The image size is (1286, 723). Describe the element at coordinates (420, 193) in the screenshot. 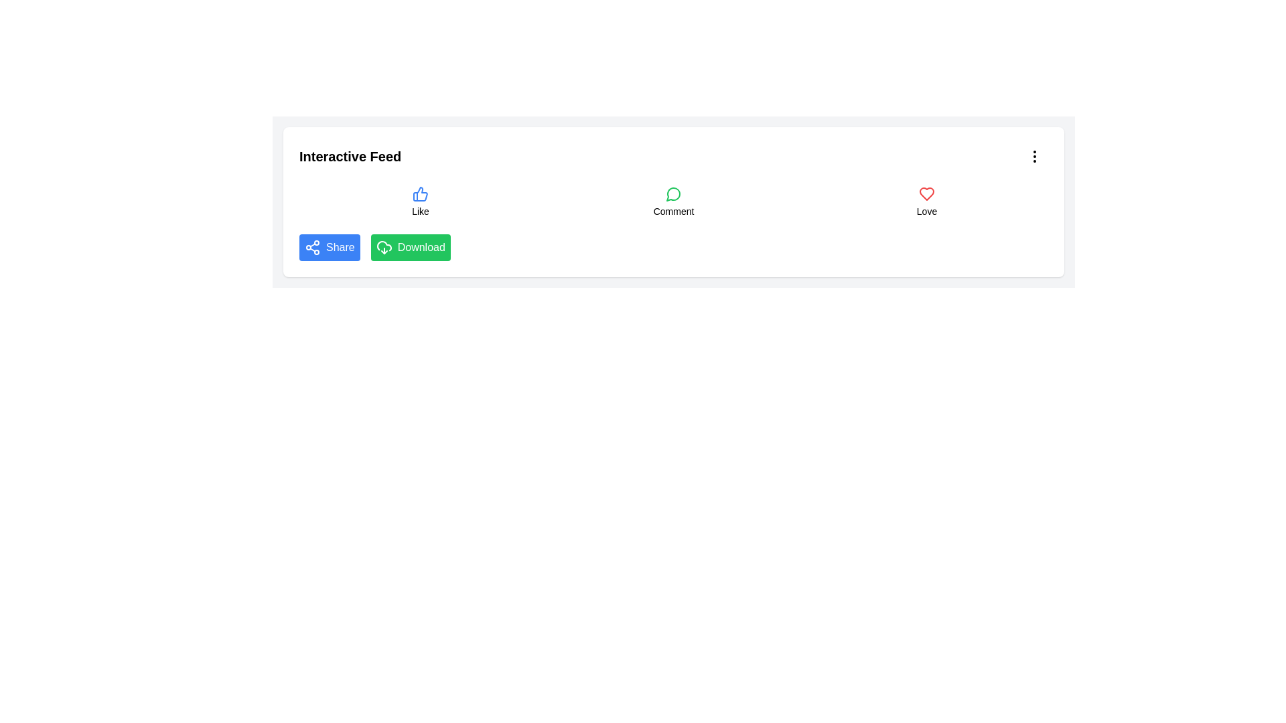

I see `the 'like' icon located in the center of the row layout to express appreciation for the post` at that location.